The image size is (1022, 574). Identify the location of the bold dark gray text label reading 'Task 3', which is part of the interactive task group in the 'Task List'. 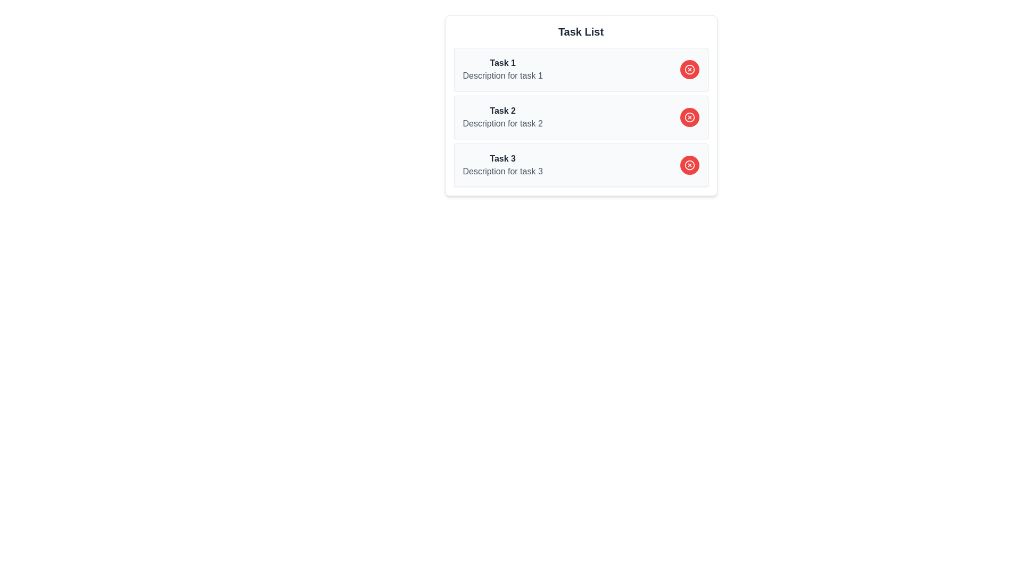
(502, 159).